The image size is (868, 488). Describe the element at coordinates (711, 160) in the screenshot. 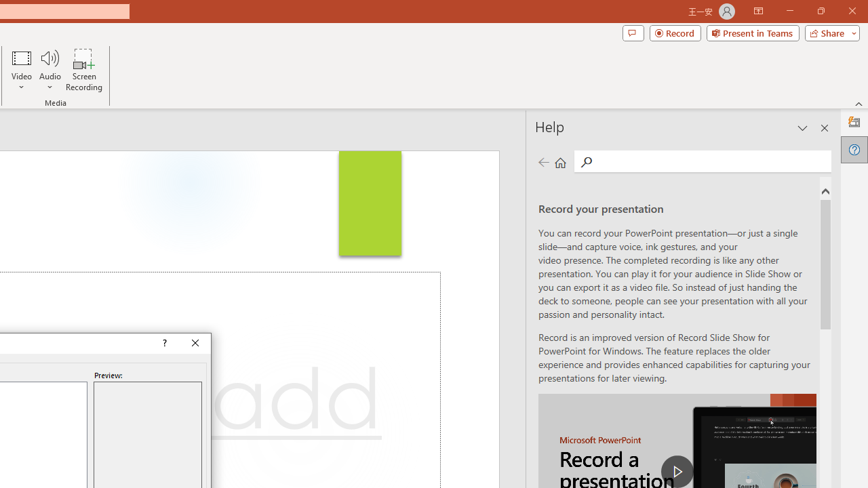

I see `'Search'` at that location.